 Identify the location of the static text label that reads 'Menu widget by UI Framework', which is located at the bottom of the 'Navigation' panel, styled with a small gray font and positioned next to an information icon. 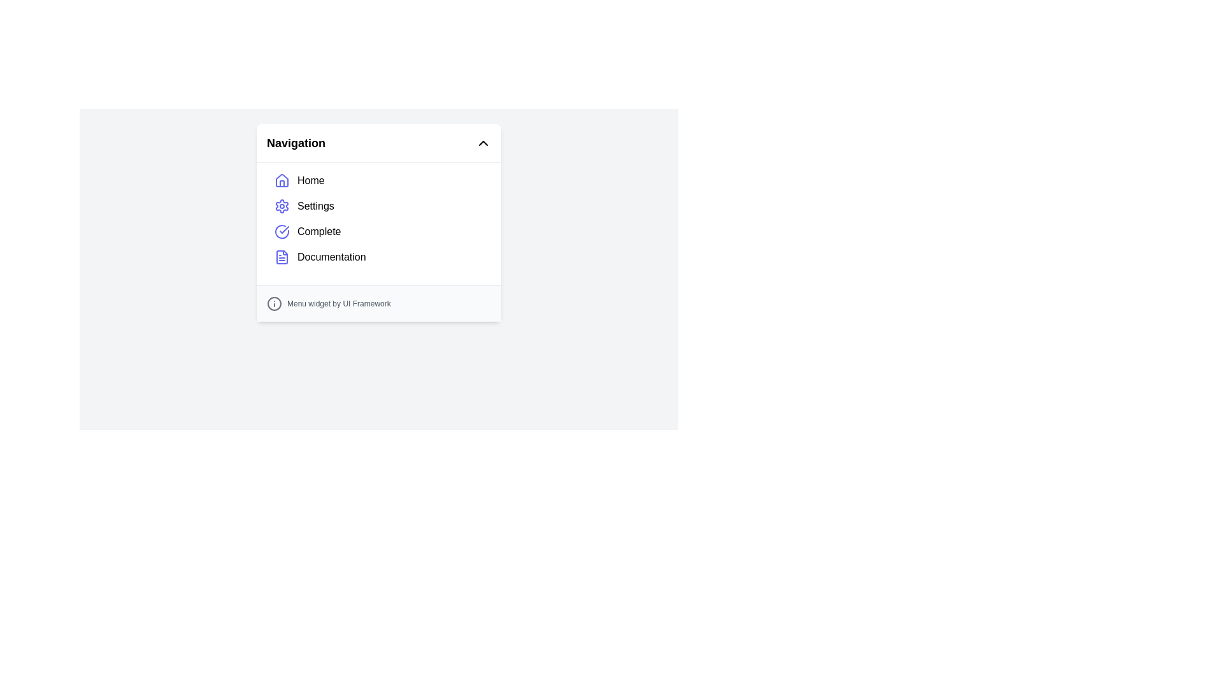
(339, 304).